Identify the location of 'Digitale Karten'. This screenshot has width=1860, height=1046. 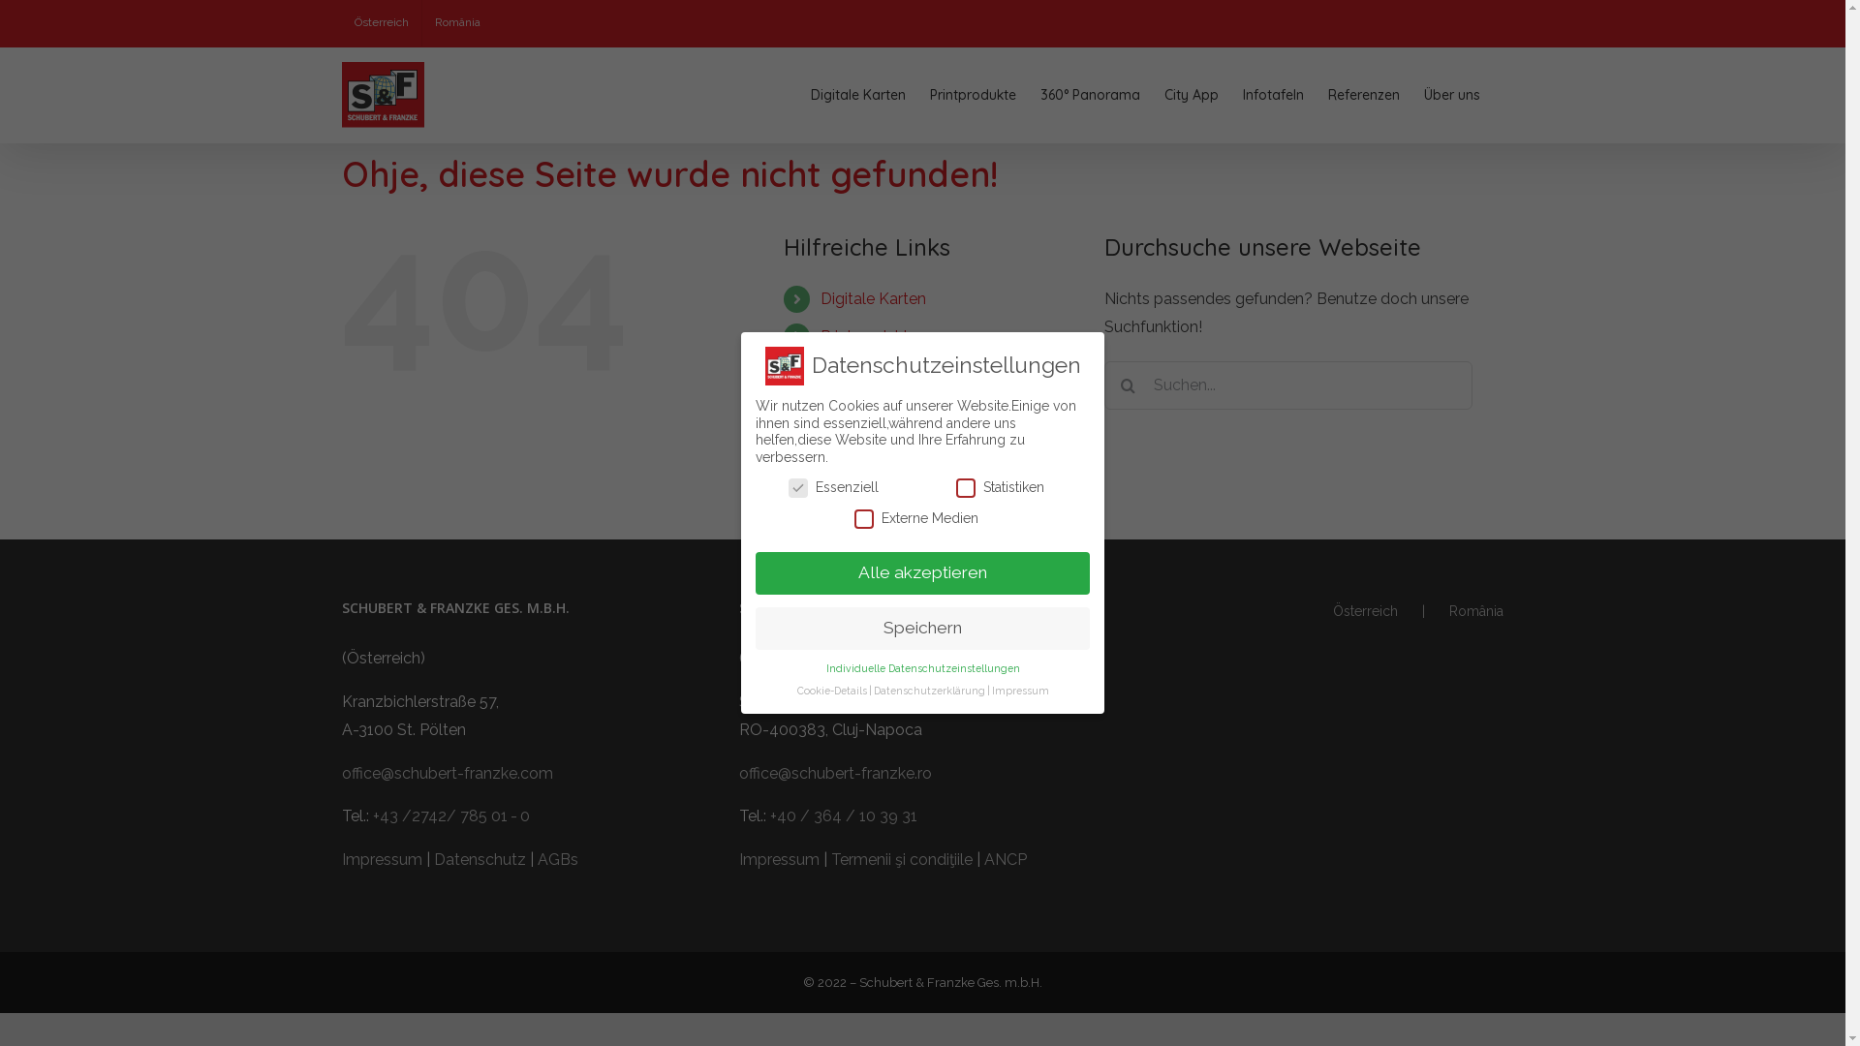
(820, 298).